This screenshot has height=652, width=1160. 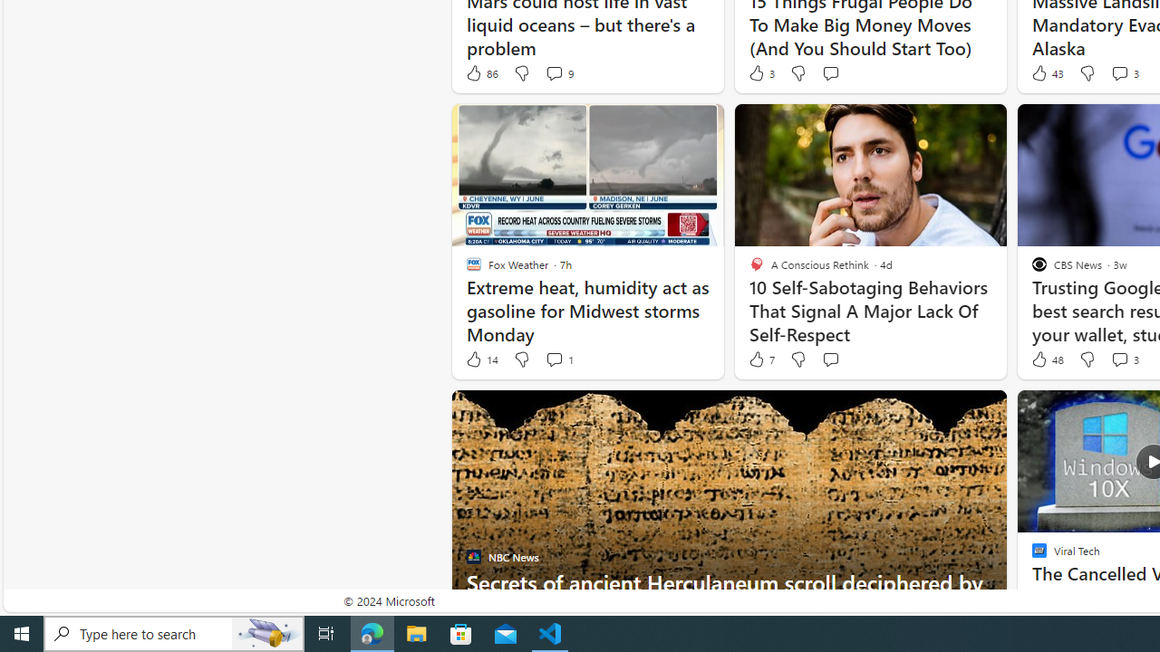 I want to click on 'Dislike', so click(x=1087, y=360).